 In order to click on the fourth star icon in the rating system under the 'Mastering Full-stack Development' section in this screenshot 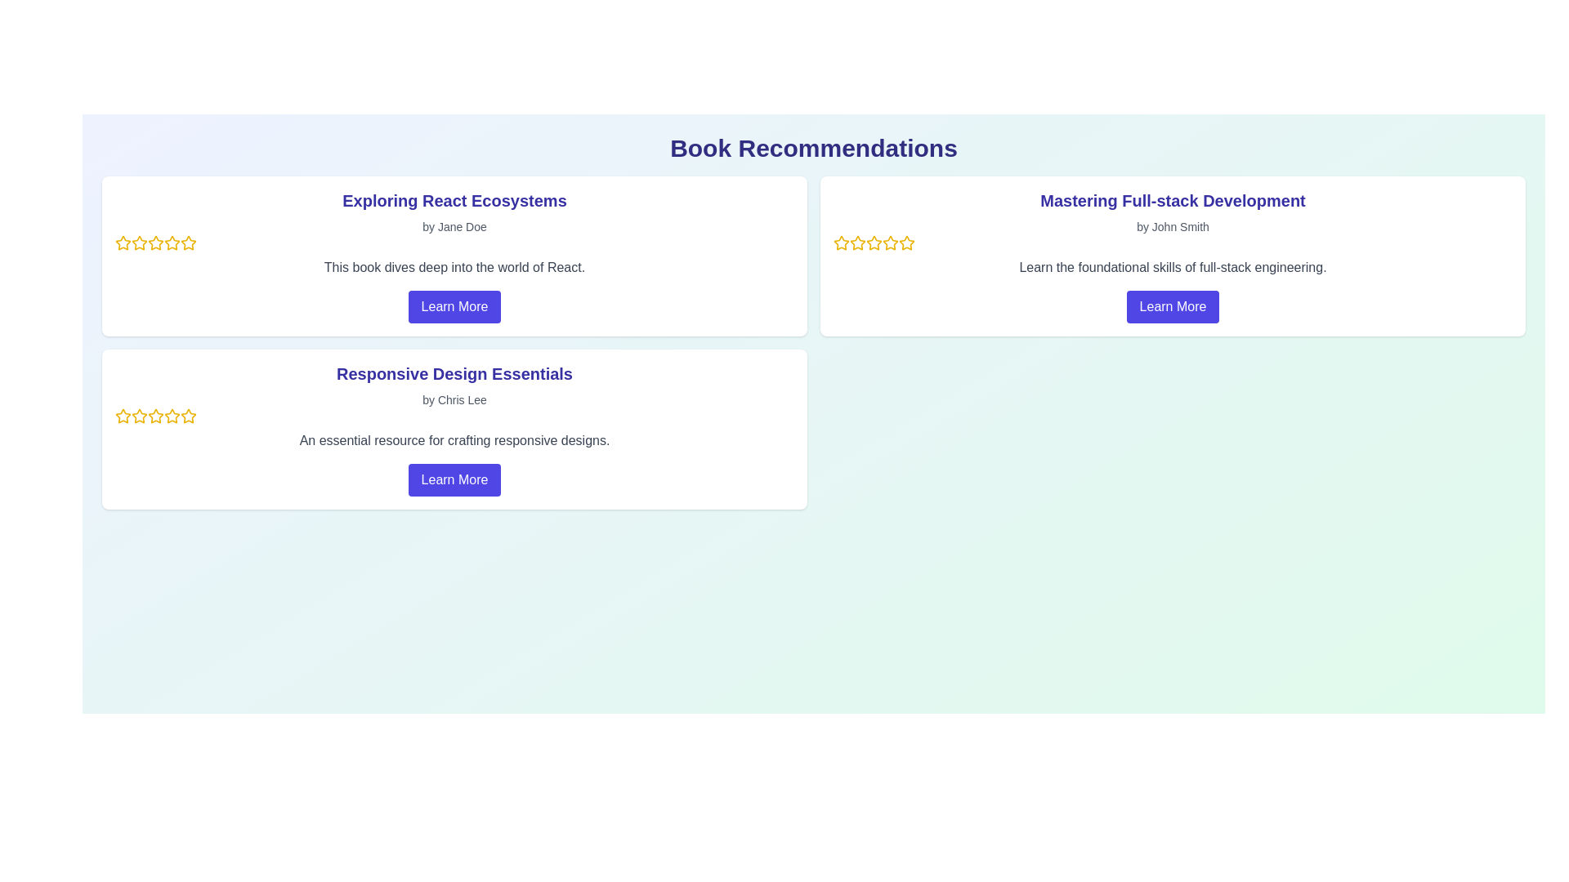, I will do `click(905, 243)`.